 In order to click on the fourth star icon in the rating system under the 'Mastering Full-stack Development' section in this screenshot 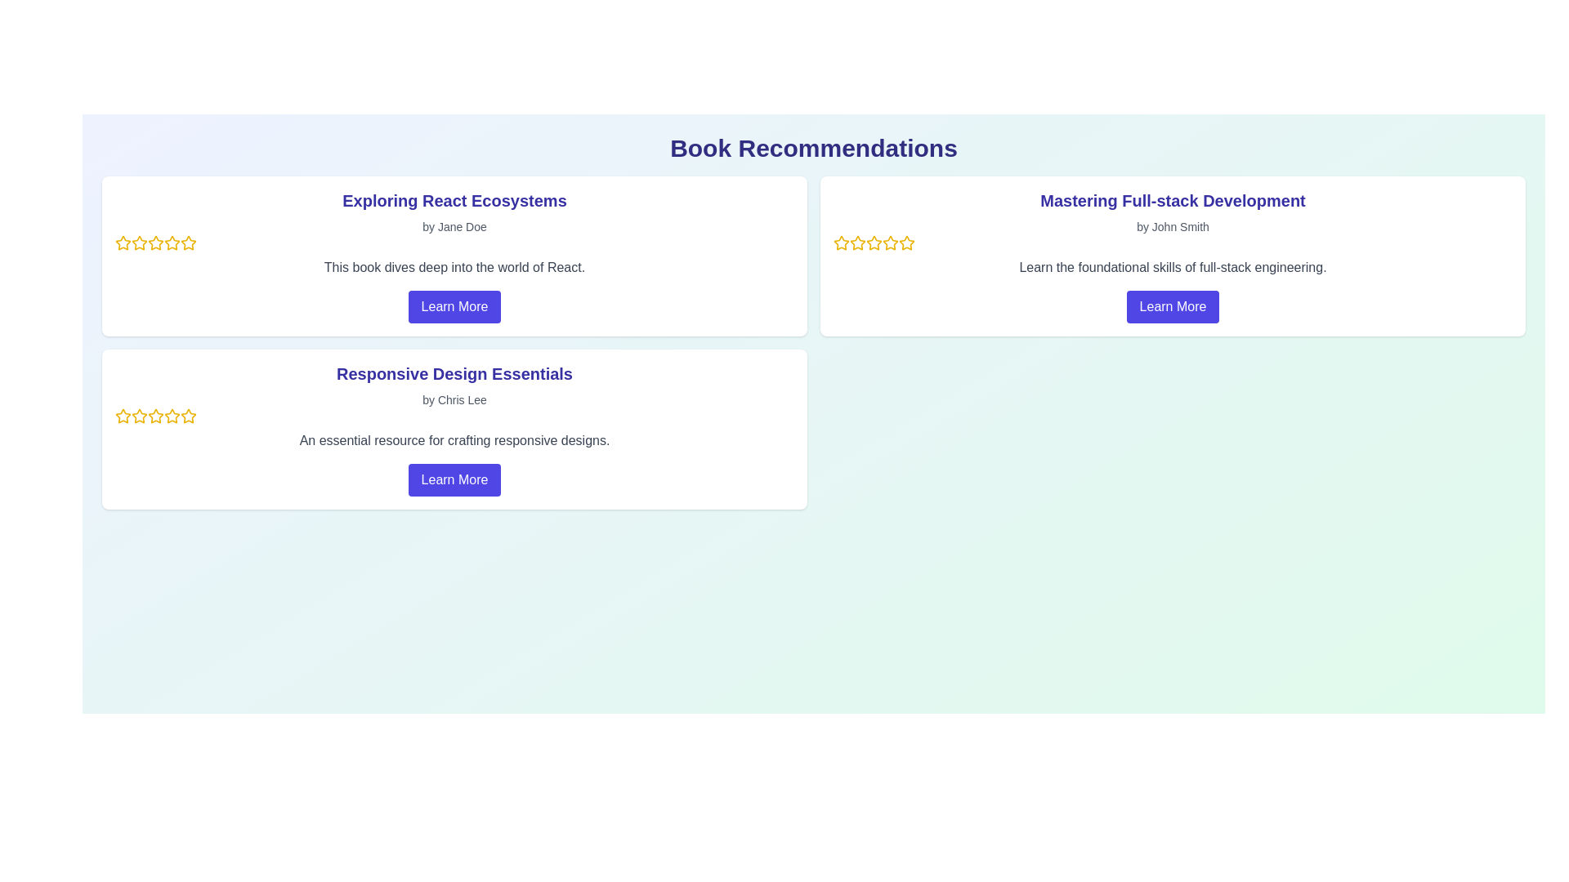, I will do `click(905, 243)`.